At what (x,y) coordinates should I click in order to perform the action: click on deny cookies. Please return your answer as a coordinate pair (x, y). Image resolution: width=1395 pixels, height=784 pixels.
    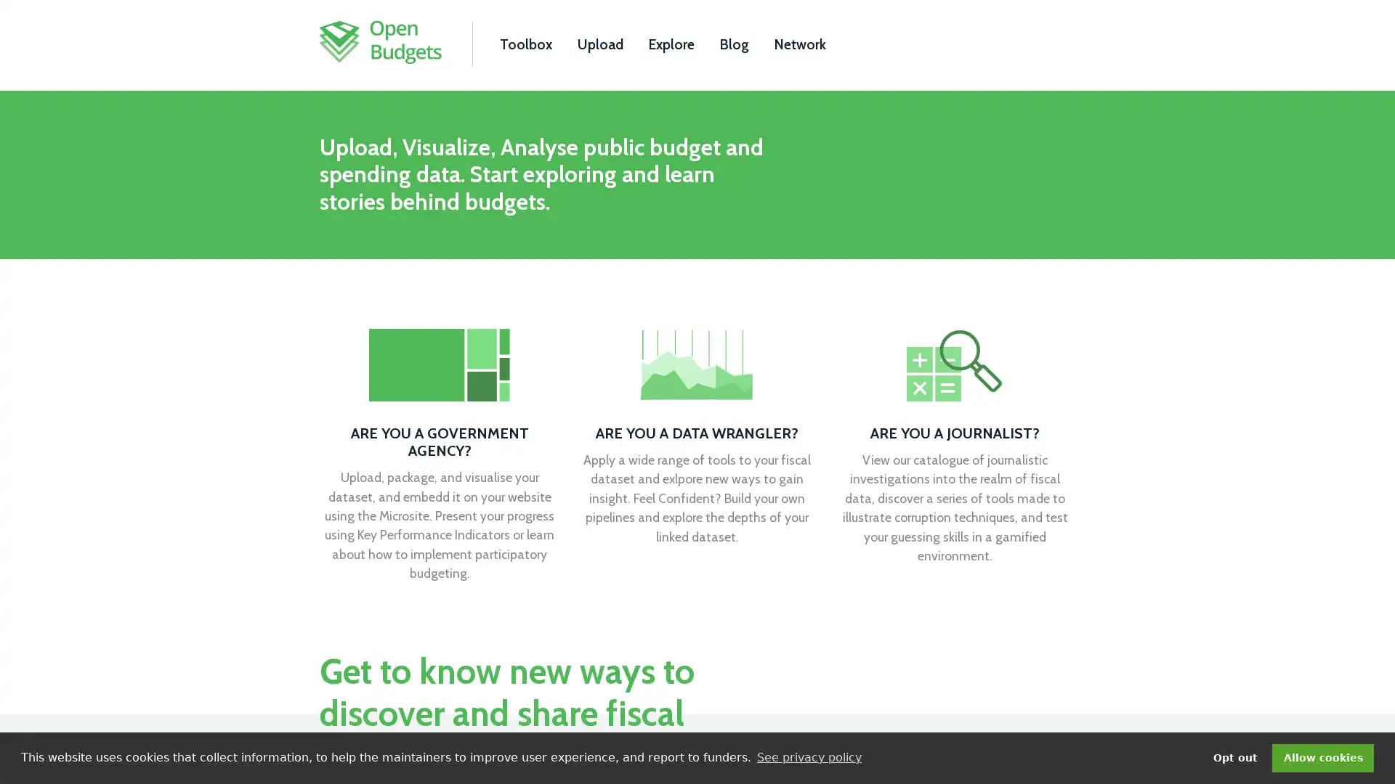
    Looking at the image, I should click on (1234, 757).